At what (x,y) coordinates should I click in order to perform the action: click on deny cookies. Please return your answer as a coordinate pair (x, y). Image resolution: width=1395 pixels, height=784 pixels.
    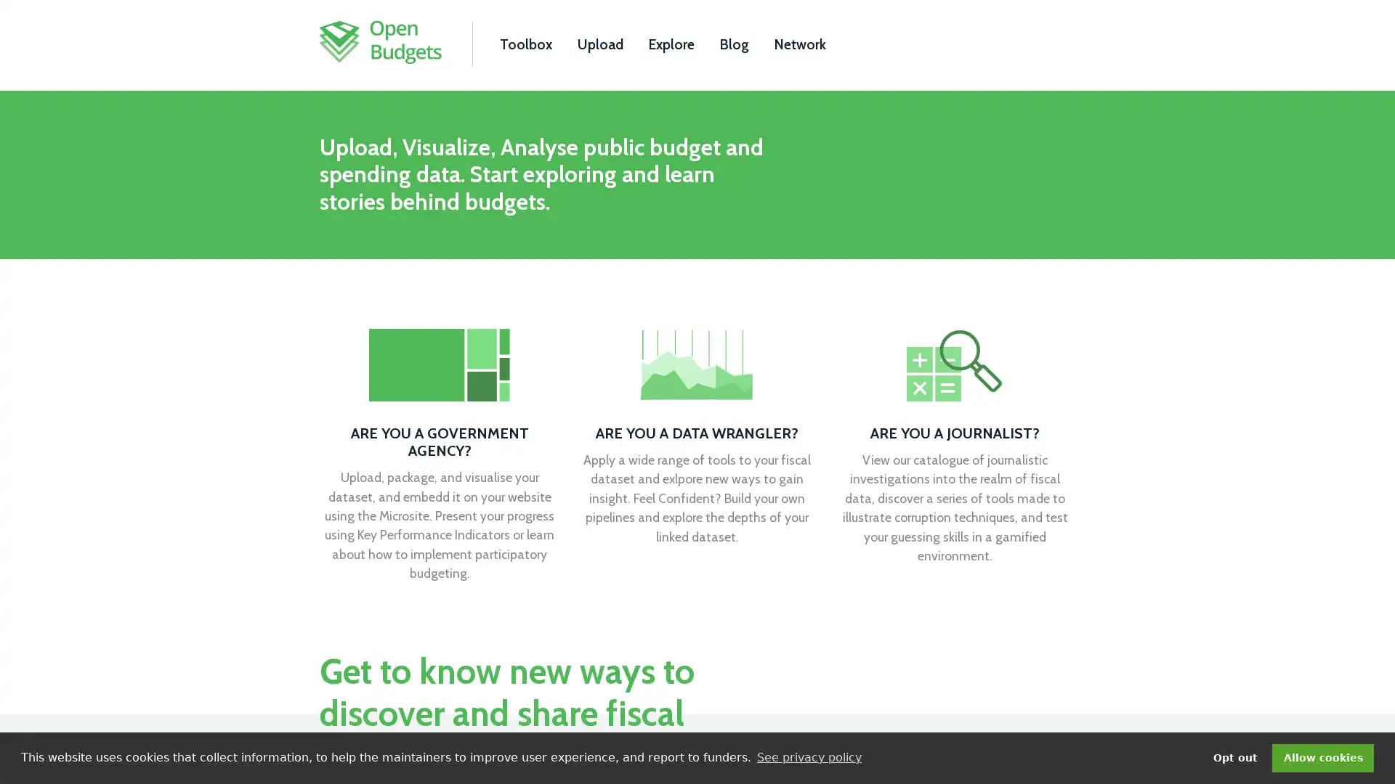
    Looking at the image, I should click on (1234, 757).